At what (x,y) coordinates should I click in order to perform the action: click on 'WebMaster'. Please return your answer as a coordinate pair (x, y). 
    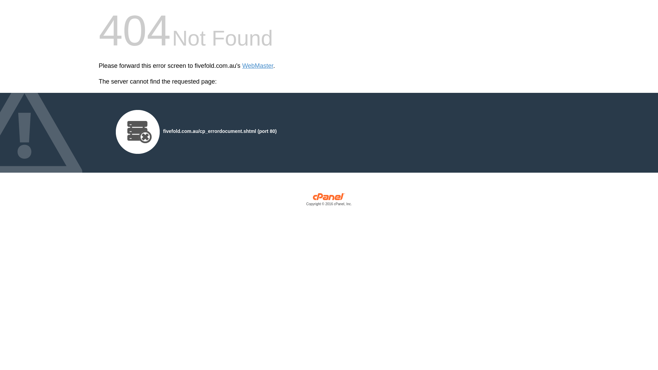
    Looking at the image, I should click on (242, 66).